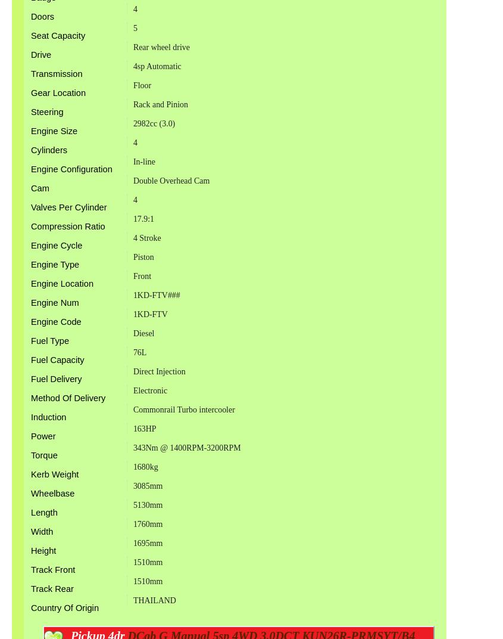 Image resolution: width=503 pixels, height=639 pixels. I want to click on 'Direct Injection', so click(159, 371).